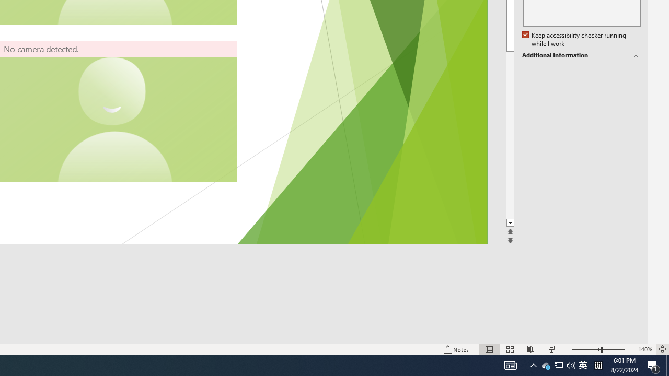 The height and width of the screenshot is (376, 669). I want to click on 'Keep accessibility checker running while I work', so click(574, 39).